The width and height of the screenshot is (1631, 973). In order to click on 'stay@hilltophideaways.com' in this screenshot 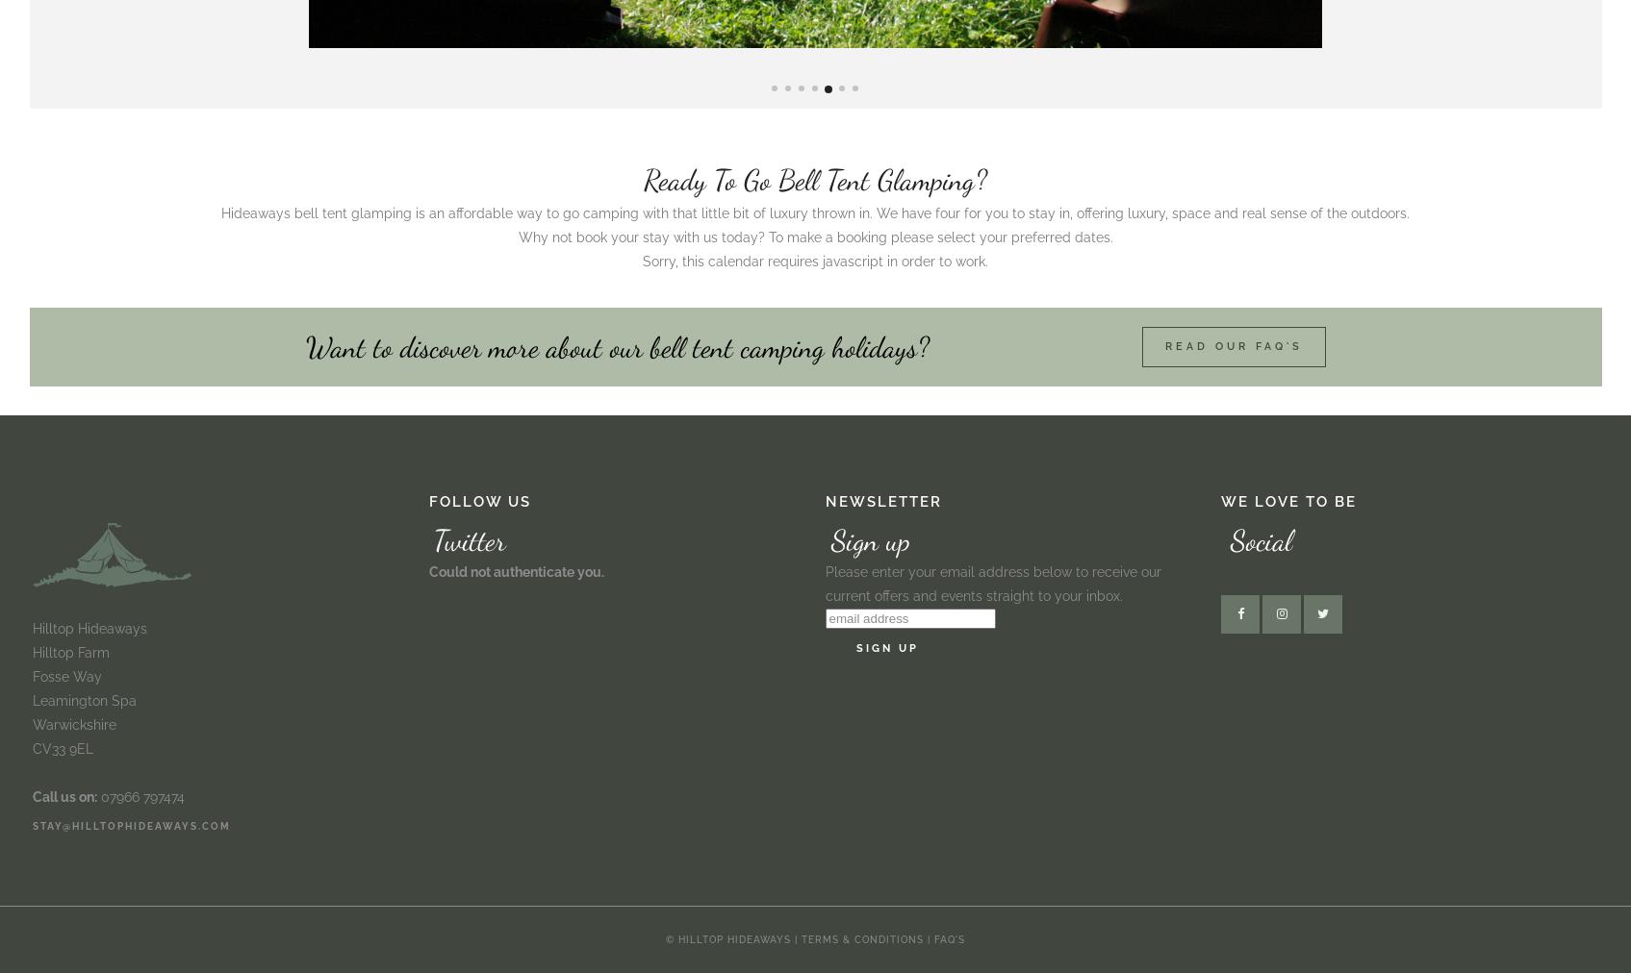, I will do `click(131, 825)`.